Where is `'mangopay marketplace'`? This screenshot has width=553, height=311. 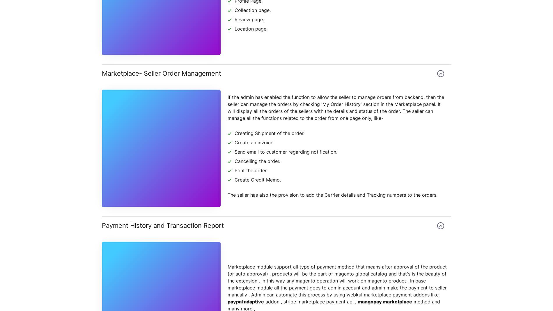
'mangopay marketplace' is located at coordinates (357, 302).